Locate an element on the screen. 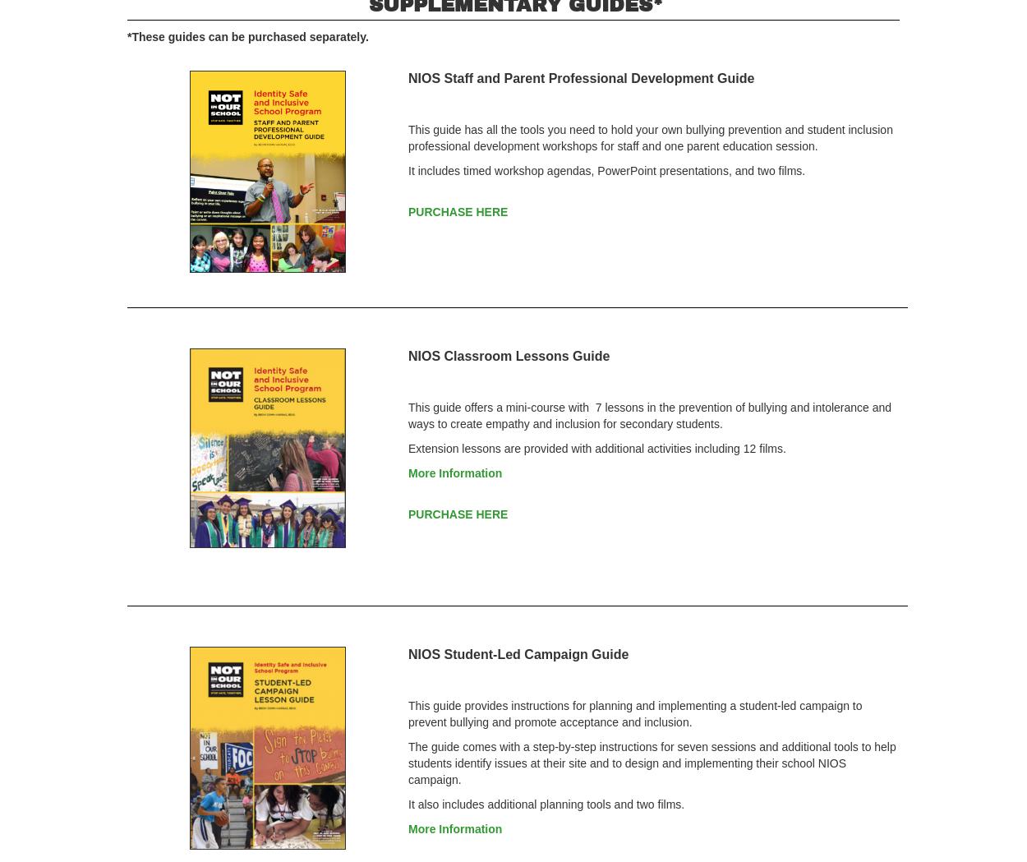 This screenshot has width=1027, height=862. 'This guide has all the tools you need to hold your own bullying prevention and student inclusion professional development workshops for staff and one parent education session.' is located at coordinates (650, 136).